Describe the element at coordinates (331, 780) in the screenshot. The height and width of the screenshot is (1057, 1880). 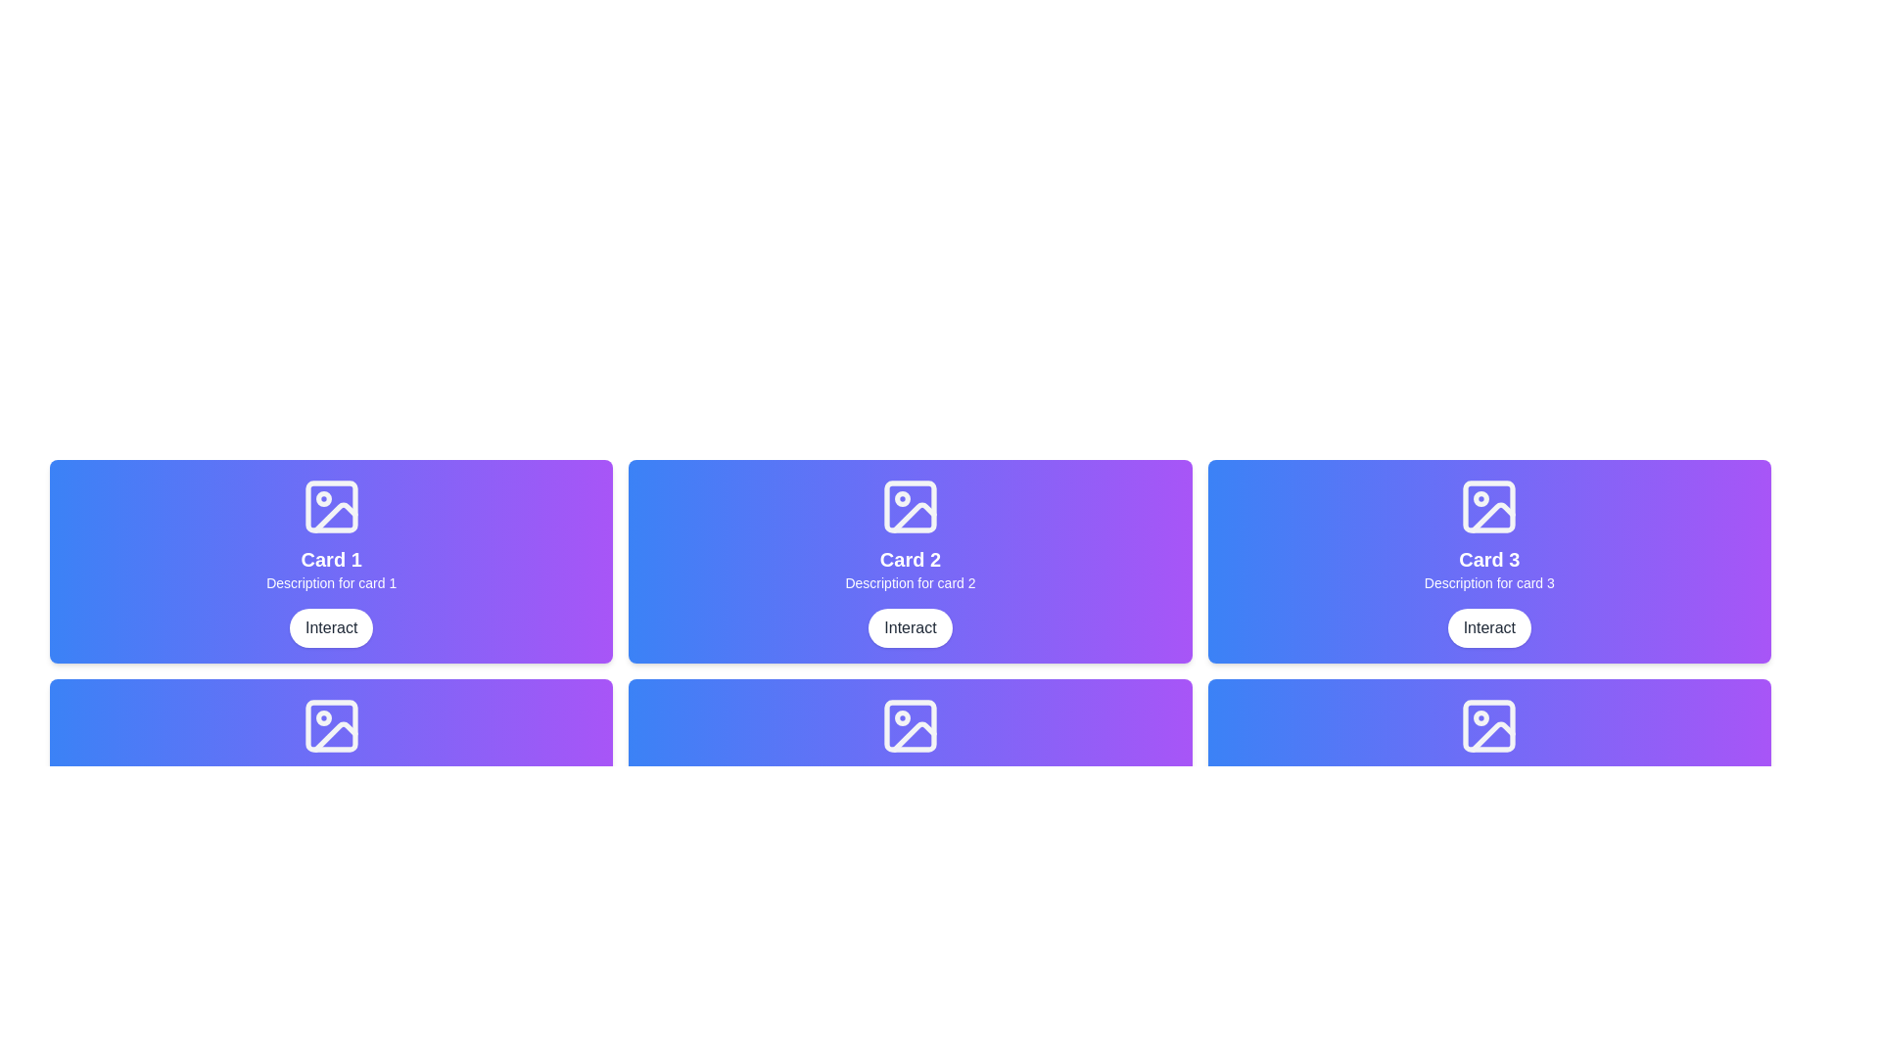
I see `the icon of the Card Component labeled 'Card 4' located in the bottom-left section of the grid layout` at that location.